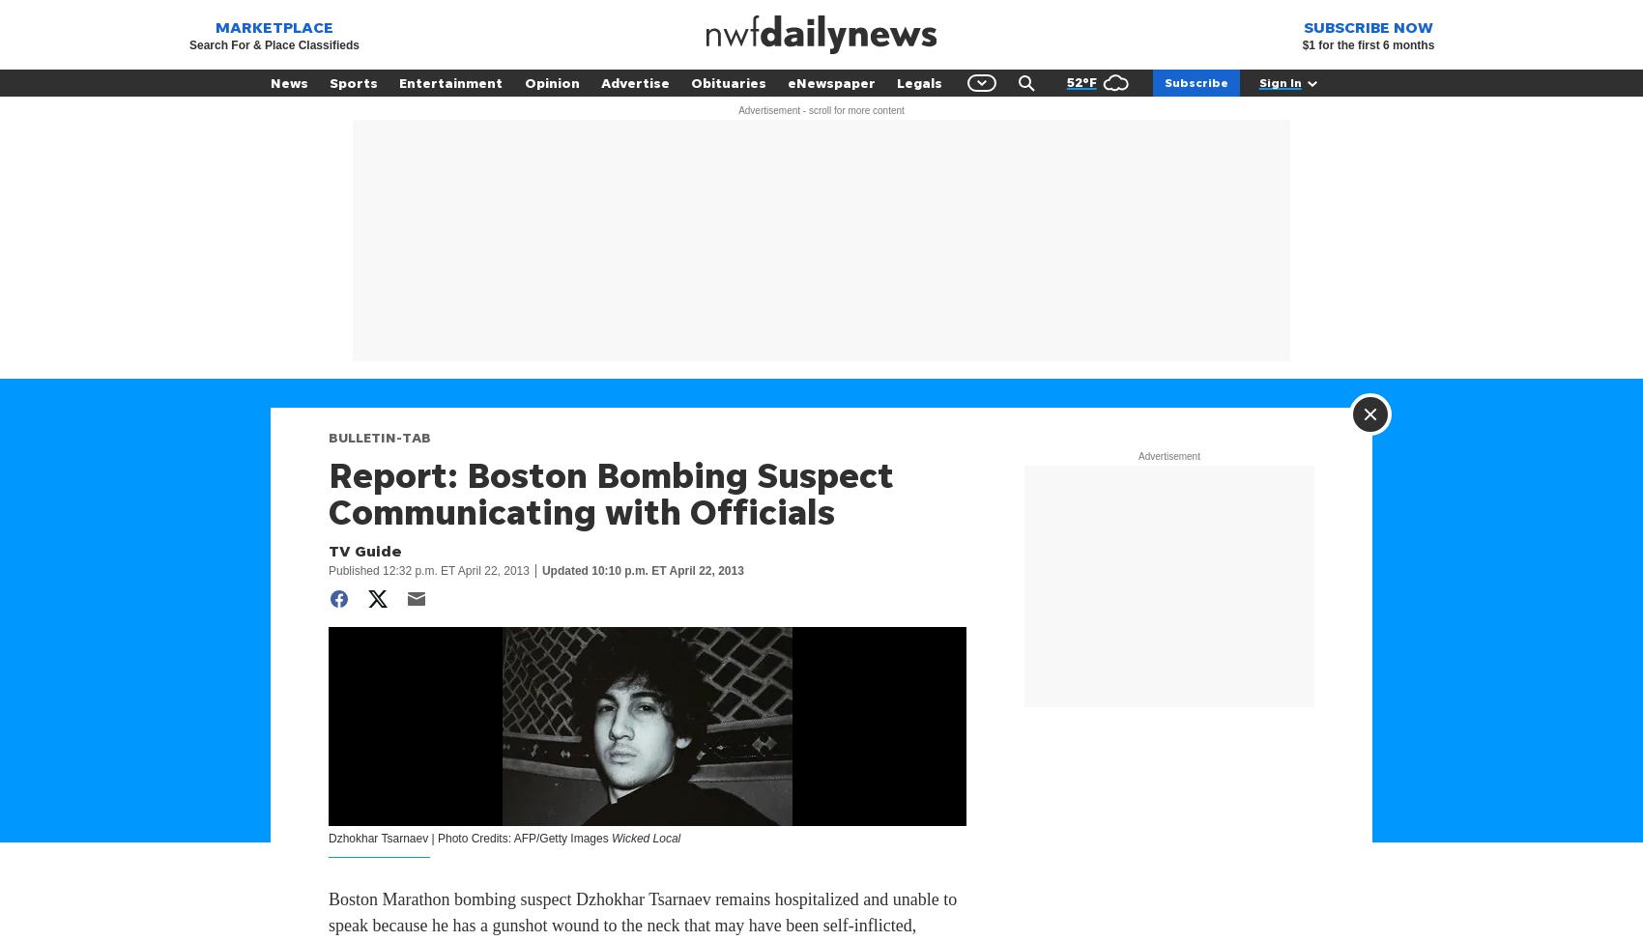  Describe the element at coordinates (379, 436) in the screenshot. I see `'BULLETIN-TAB'` at that location.